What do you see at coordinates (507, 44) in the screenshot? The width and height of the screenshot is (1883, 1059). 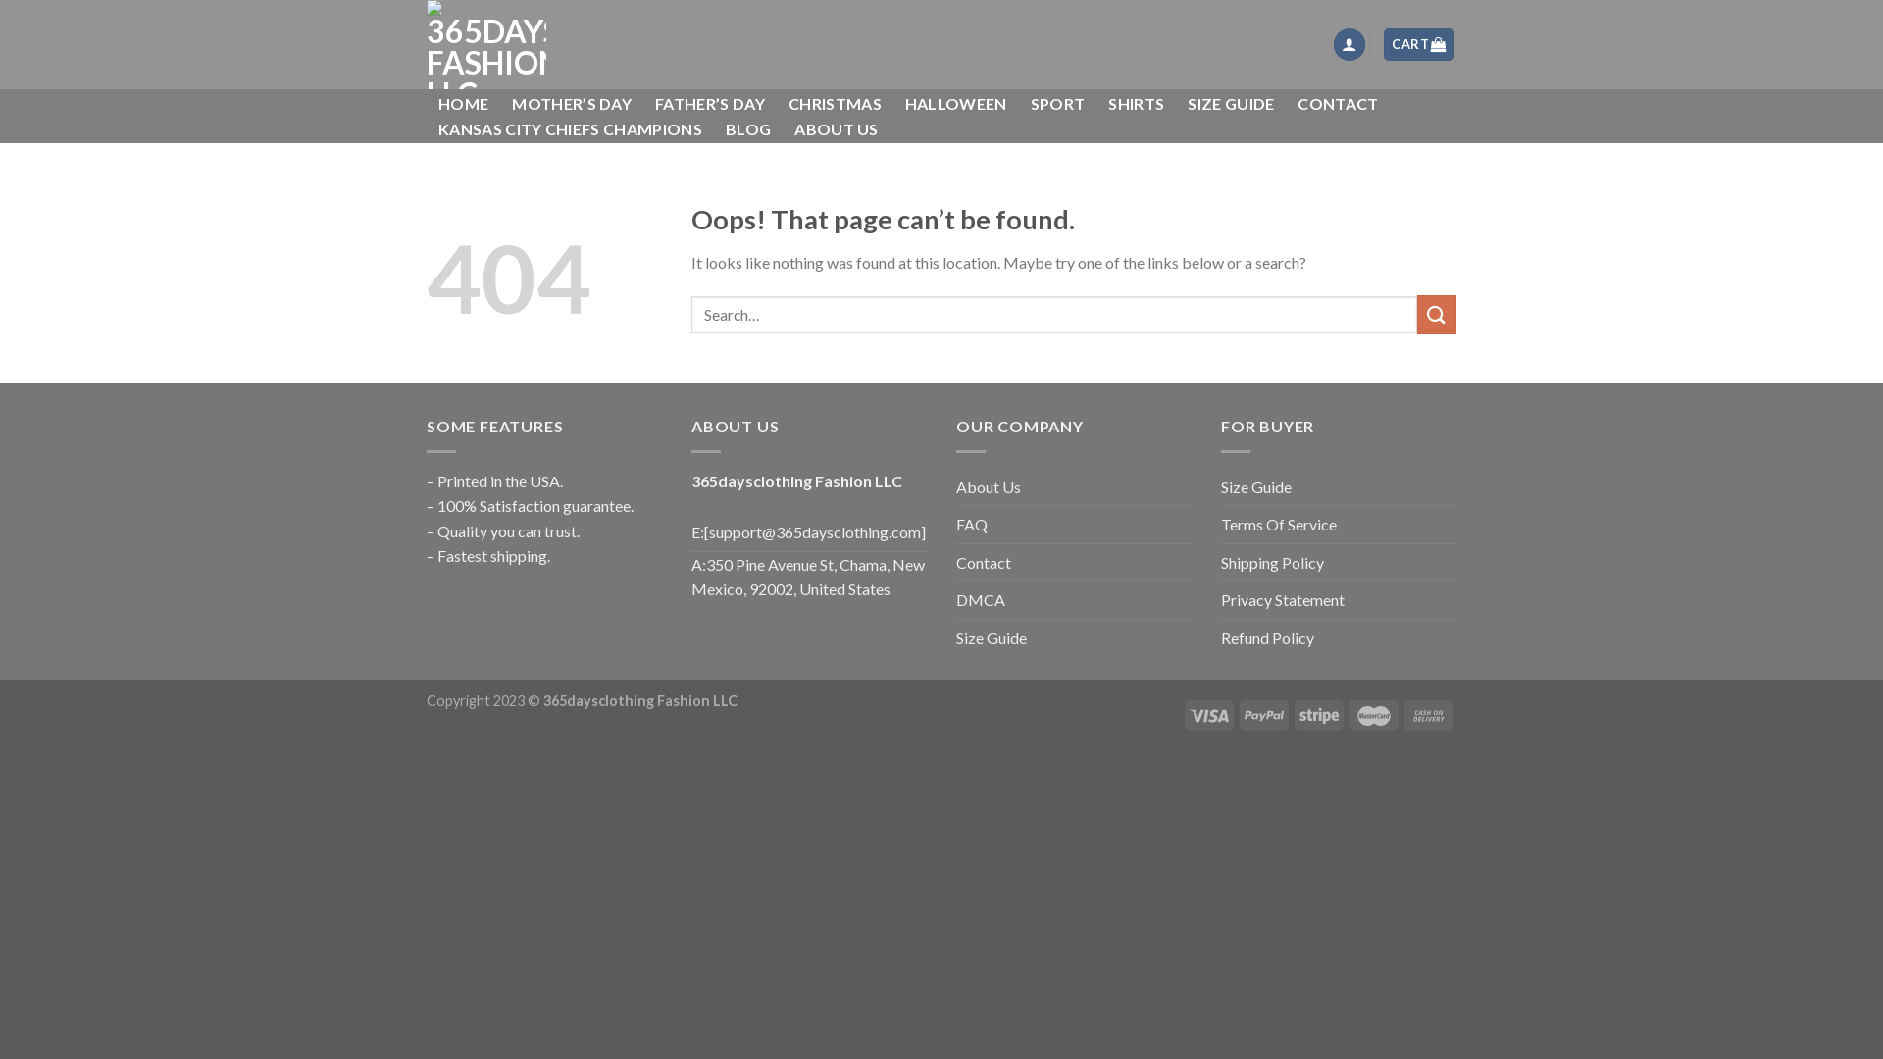 I see `'365daysclothing Fashion LLC - 365daysclothing Fashion LLC'` at bounding box center [507, 44].